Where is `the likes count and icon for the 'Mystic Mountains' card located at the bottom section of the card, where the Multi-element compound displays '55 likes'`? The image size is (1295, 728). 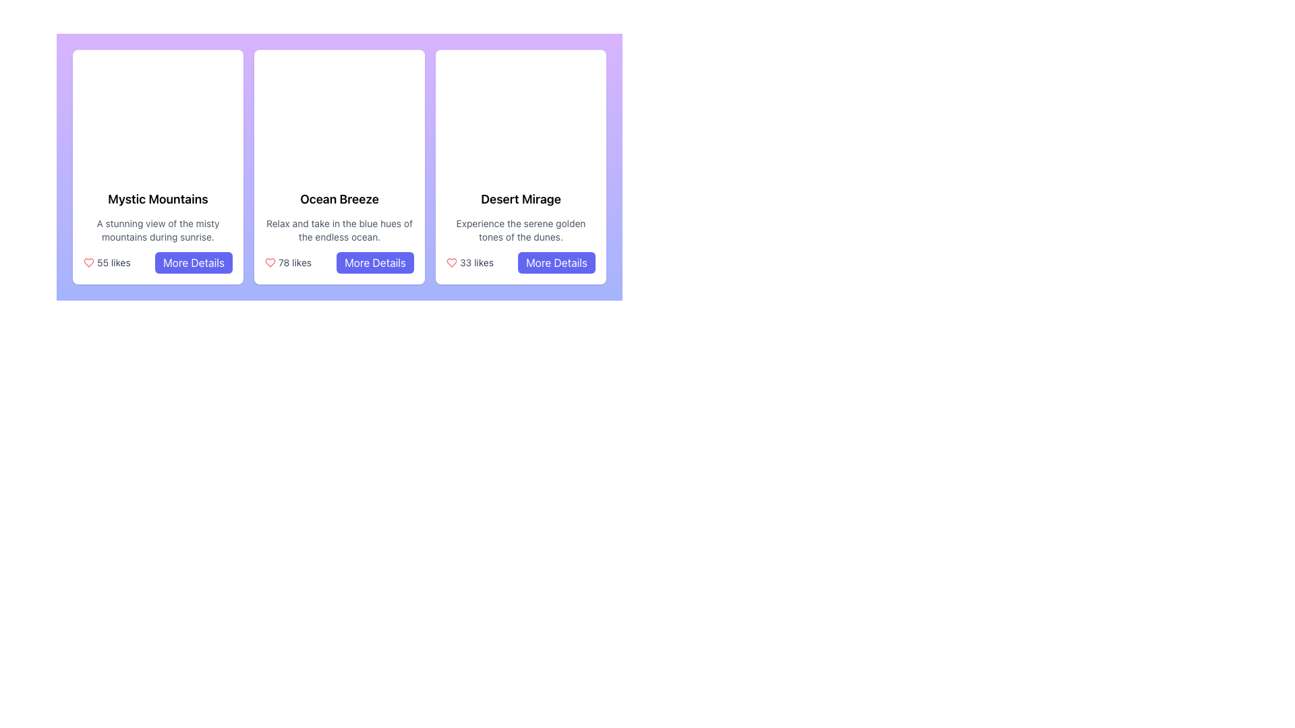
the likes count and icon for the 'Mystic Mountains' card located at the bottom section of the card, where the Multi-element compound displays '55 likes' is located at coordinates (158, 262).